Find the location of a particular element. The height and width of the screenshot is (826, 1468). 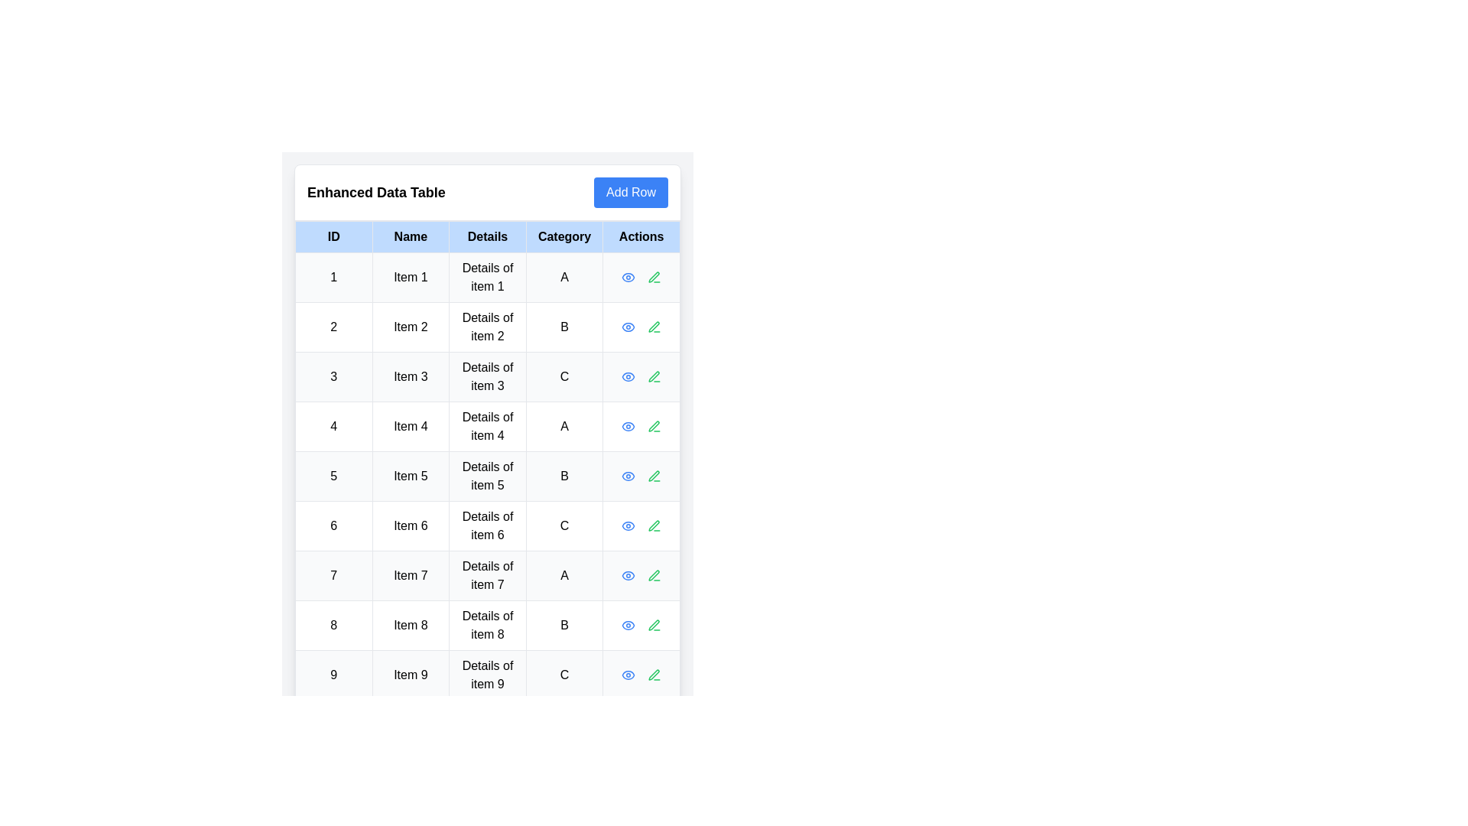

the green pen icon button representing an edit action located in the last cell of the row for 'Item 9' in the data table is located at coordinates (654, 675).